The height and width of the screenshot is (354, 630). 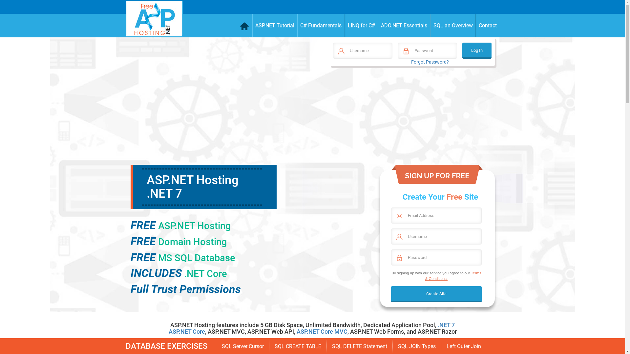 What do you see at coordinates (361, 25) in the screenshot?
I see `'LINQ for C#'` at bounding box center [361, 25].